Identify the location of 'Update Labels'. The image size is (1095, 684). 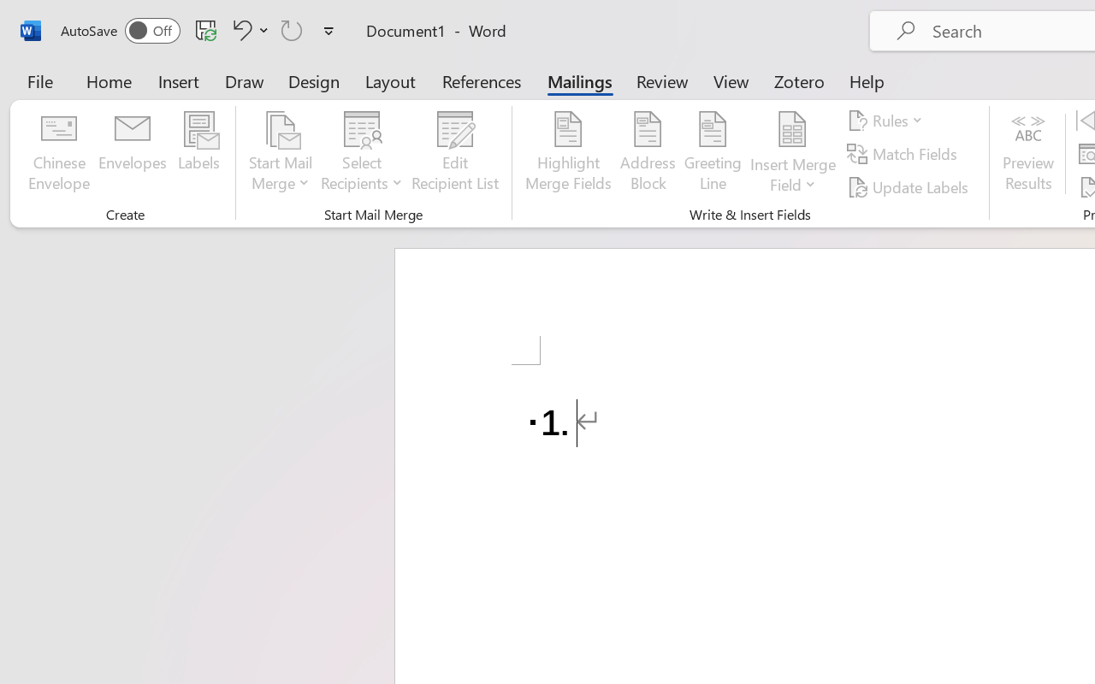
(909, 186).